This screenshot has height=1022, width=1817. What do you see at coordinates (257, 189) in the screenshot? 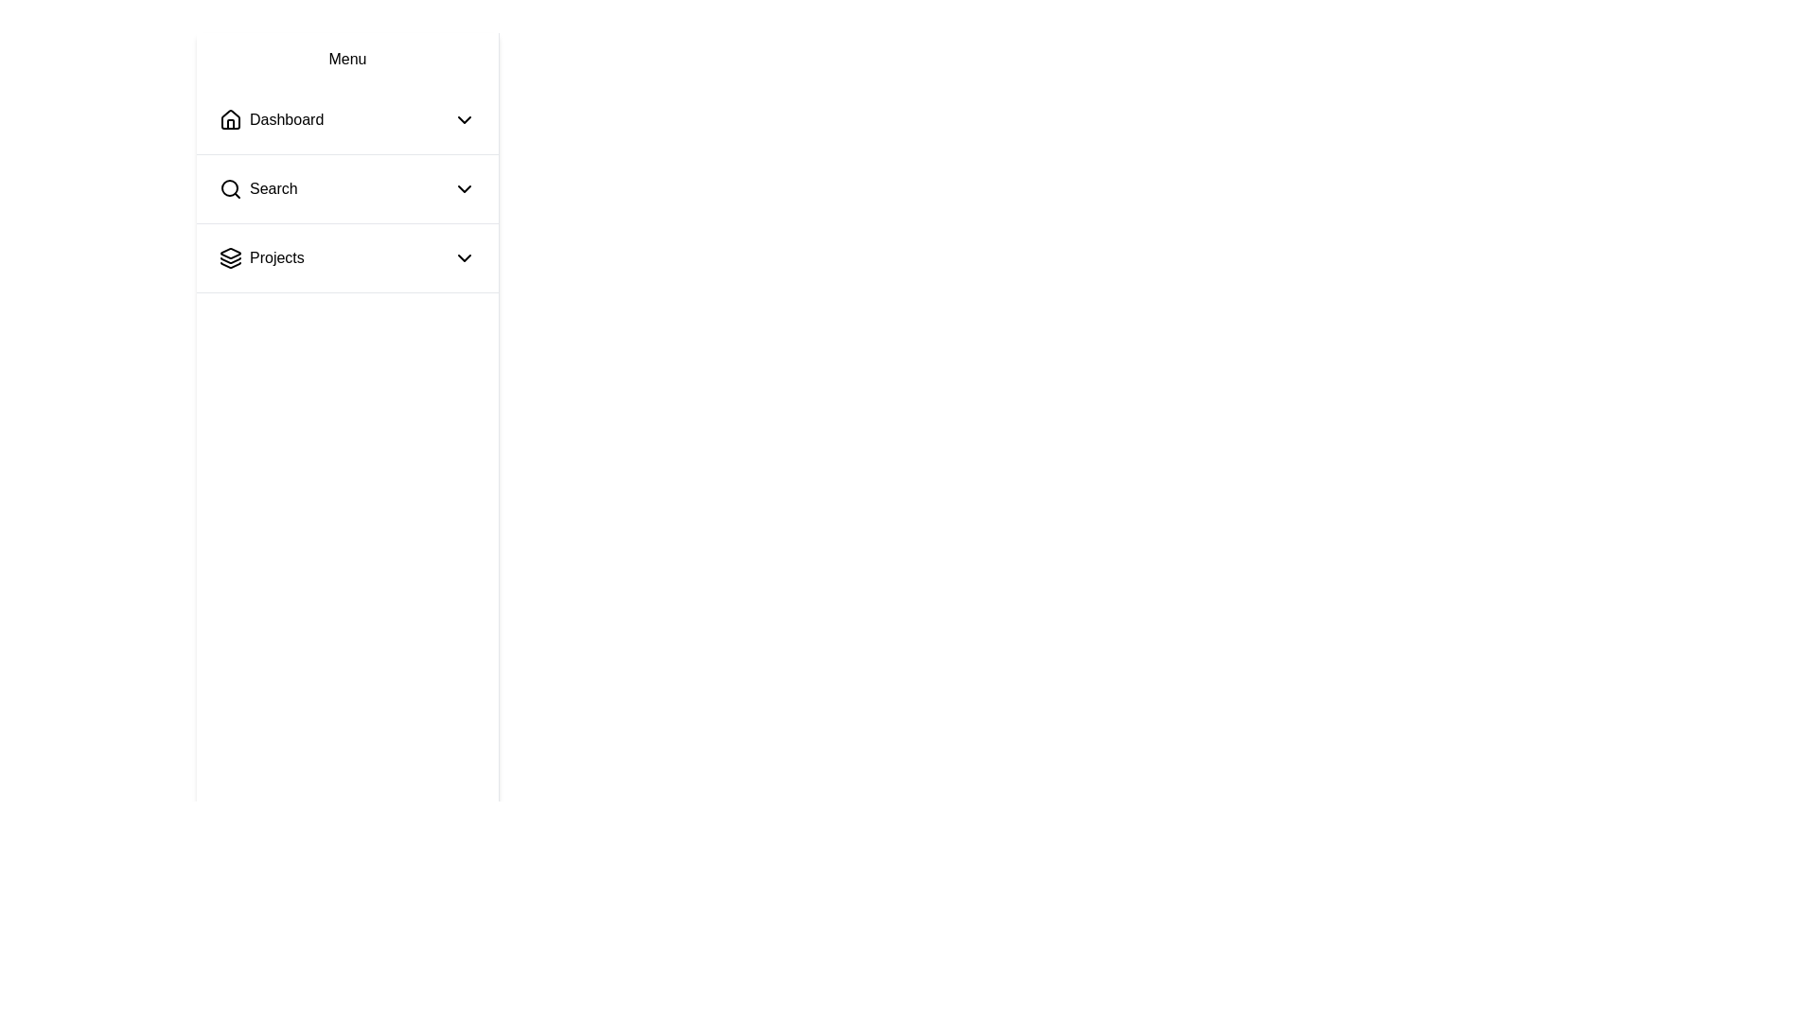
I see `the 'Search' menu item, which features a magnifying glass icon and is located below the 'Dashboard' item in the menu` at bounding box center [257, 189].